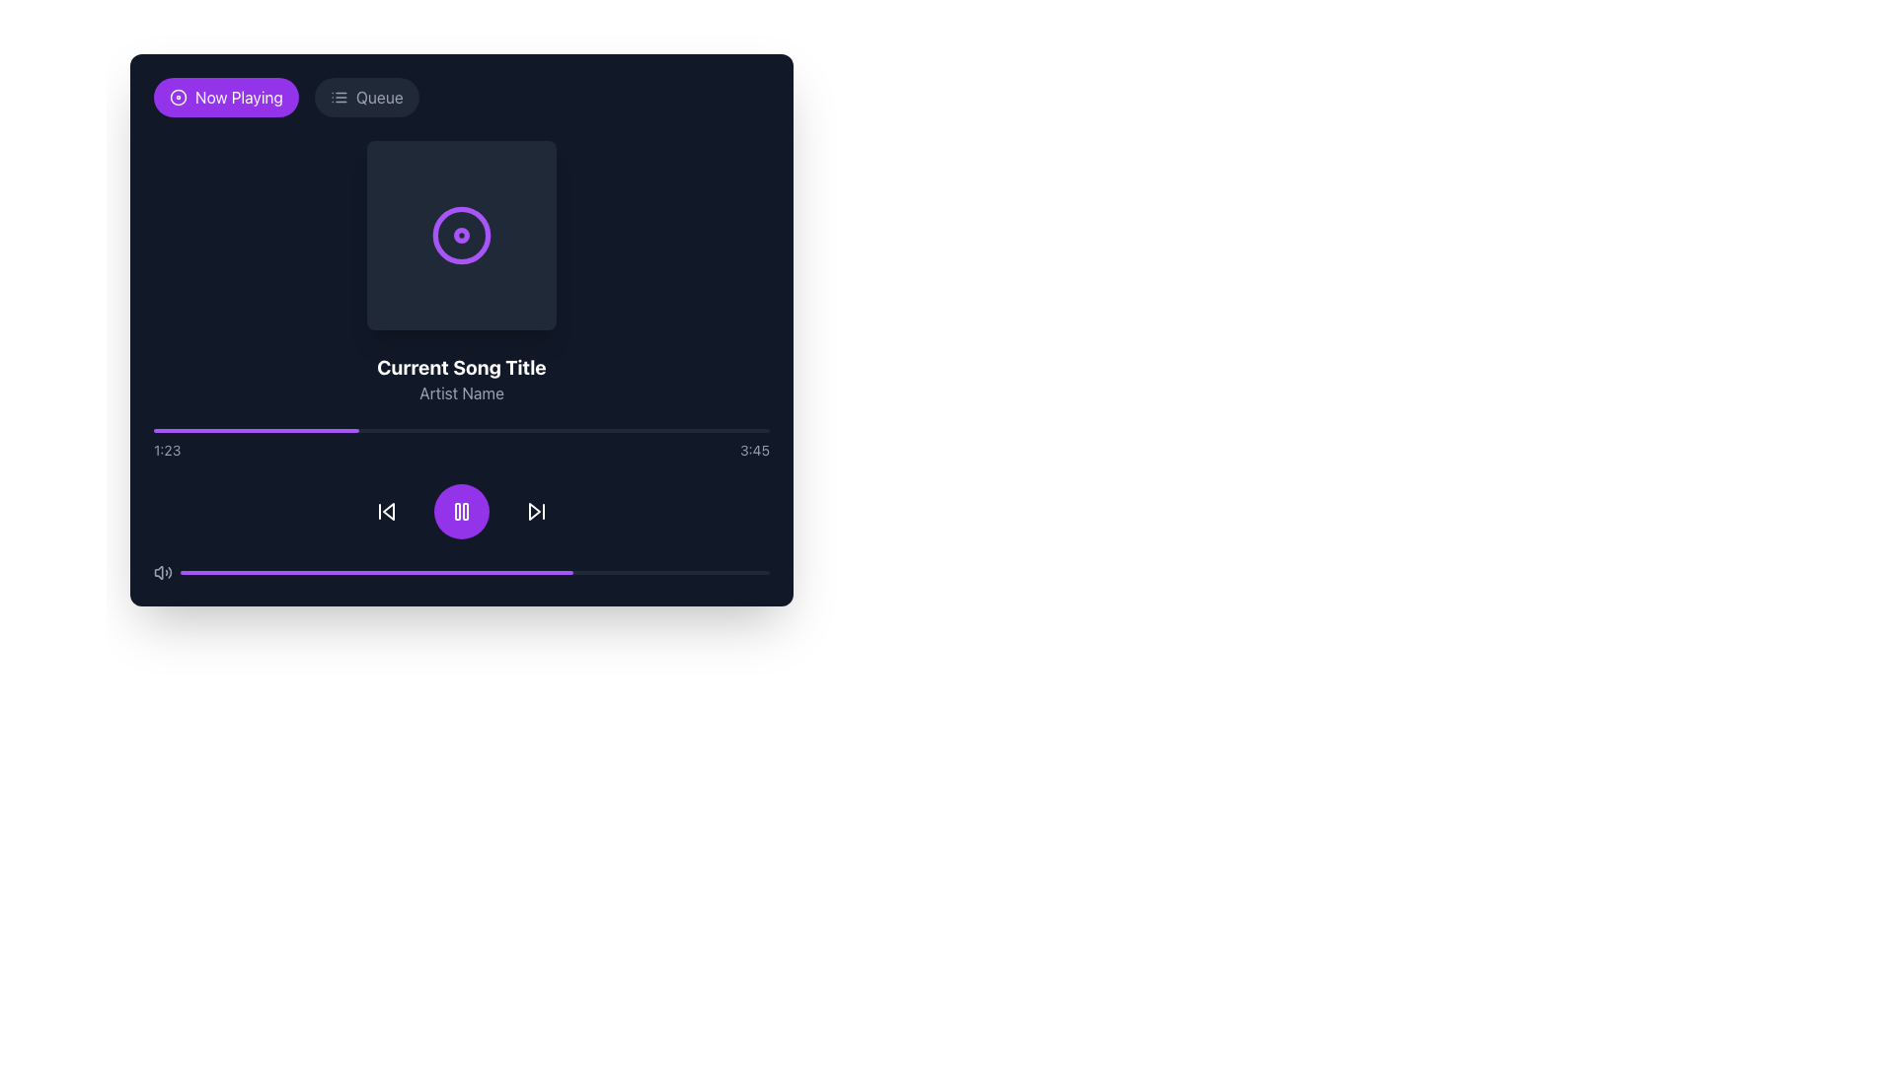 This screenshot has height=1065, width=1895. Describe the element at coordinates (227, 429) in the screenshot. I see `the playback progress` at that location.